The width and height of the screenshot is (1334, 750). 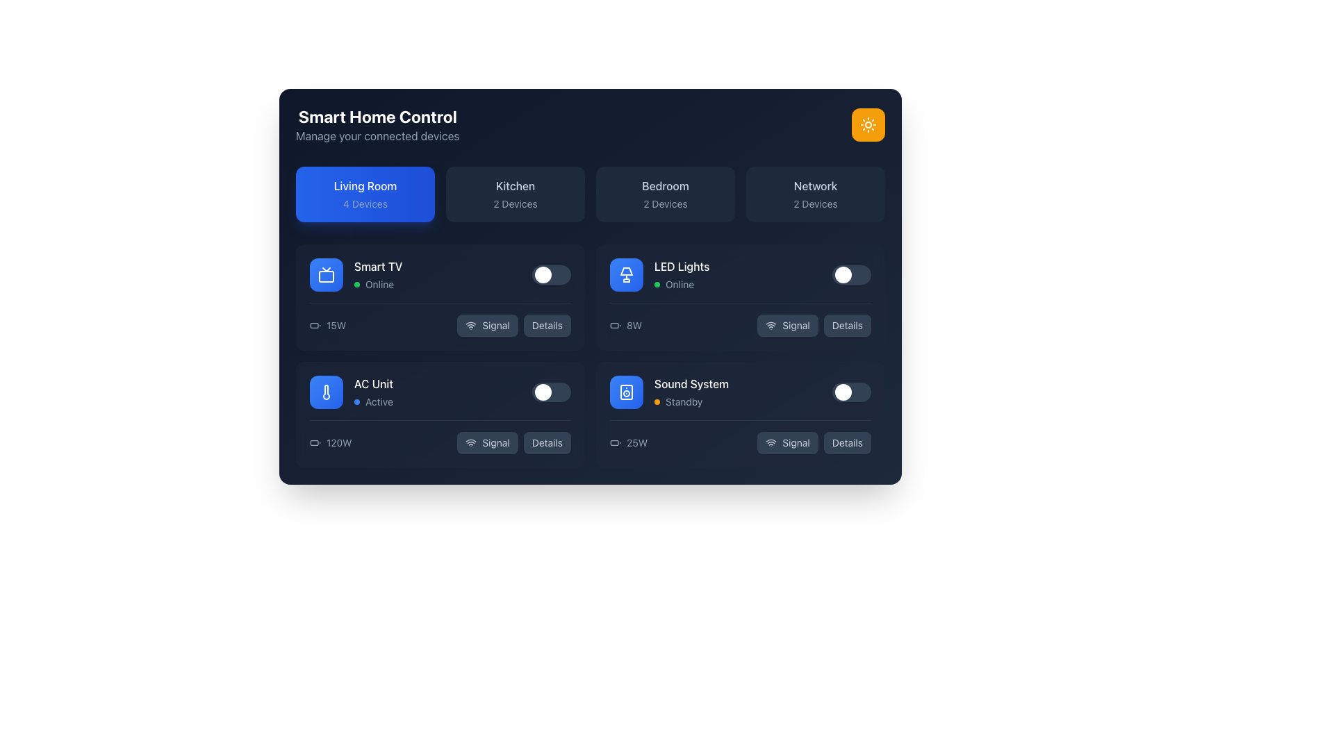 I want to click on the Text display that indicates the number of devices associated with the 'Bedroom' section, located immediately below the 'Bedroom' text in the third card of four cards, so click(x=665, y=203).